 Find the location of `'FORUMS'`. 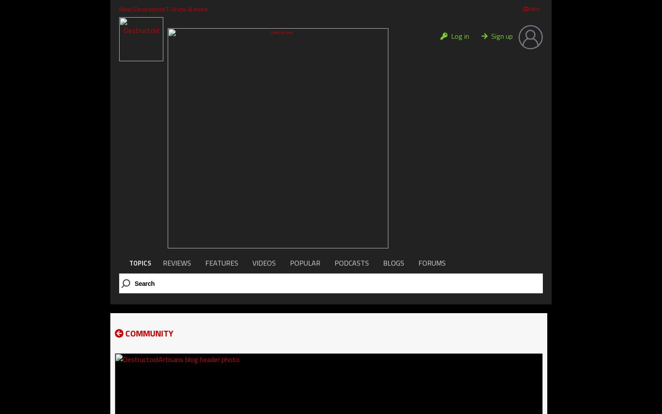

'FORUMS' is located at coordinates (432, 262).